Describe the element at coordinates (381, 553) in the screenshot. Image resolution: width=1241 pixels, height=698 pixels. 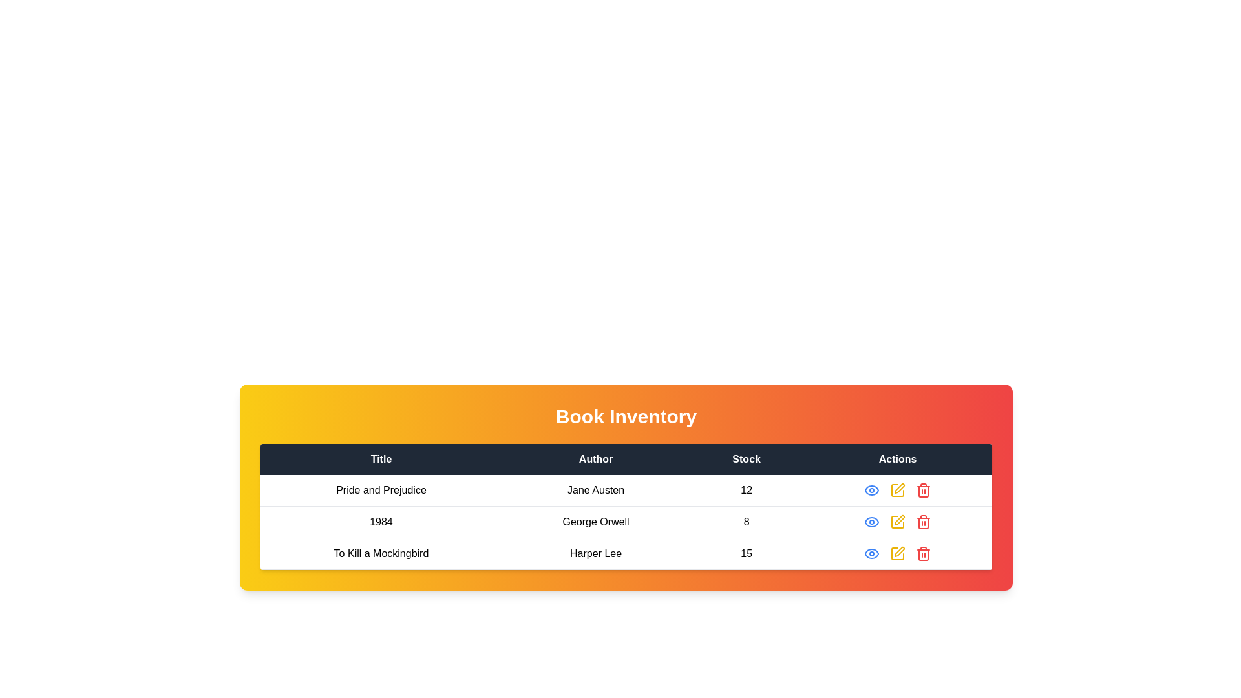
I see `the static text displaying the title of a book located in the first column of the third row of the table` at that location.